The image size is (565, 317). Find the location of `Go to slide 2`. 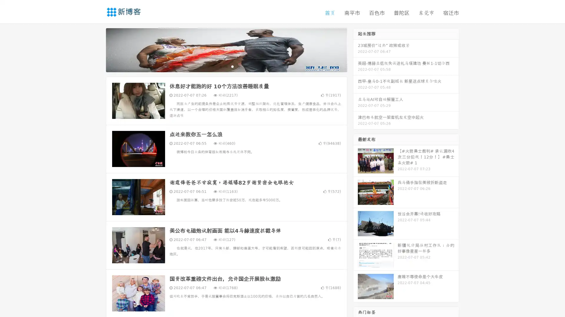

Go to slide 2 is located at coordinates (226, 66).